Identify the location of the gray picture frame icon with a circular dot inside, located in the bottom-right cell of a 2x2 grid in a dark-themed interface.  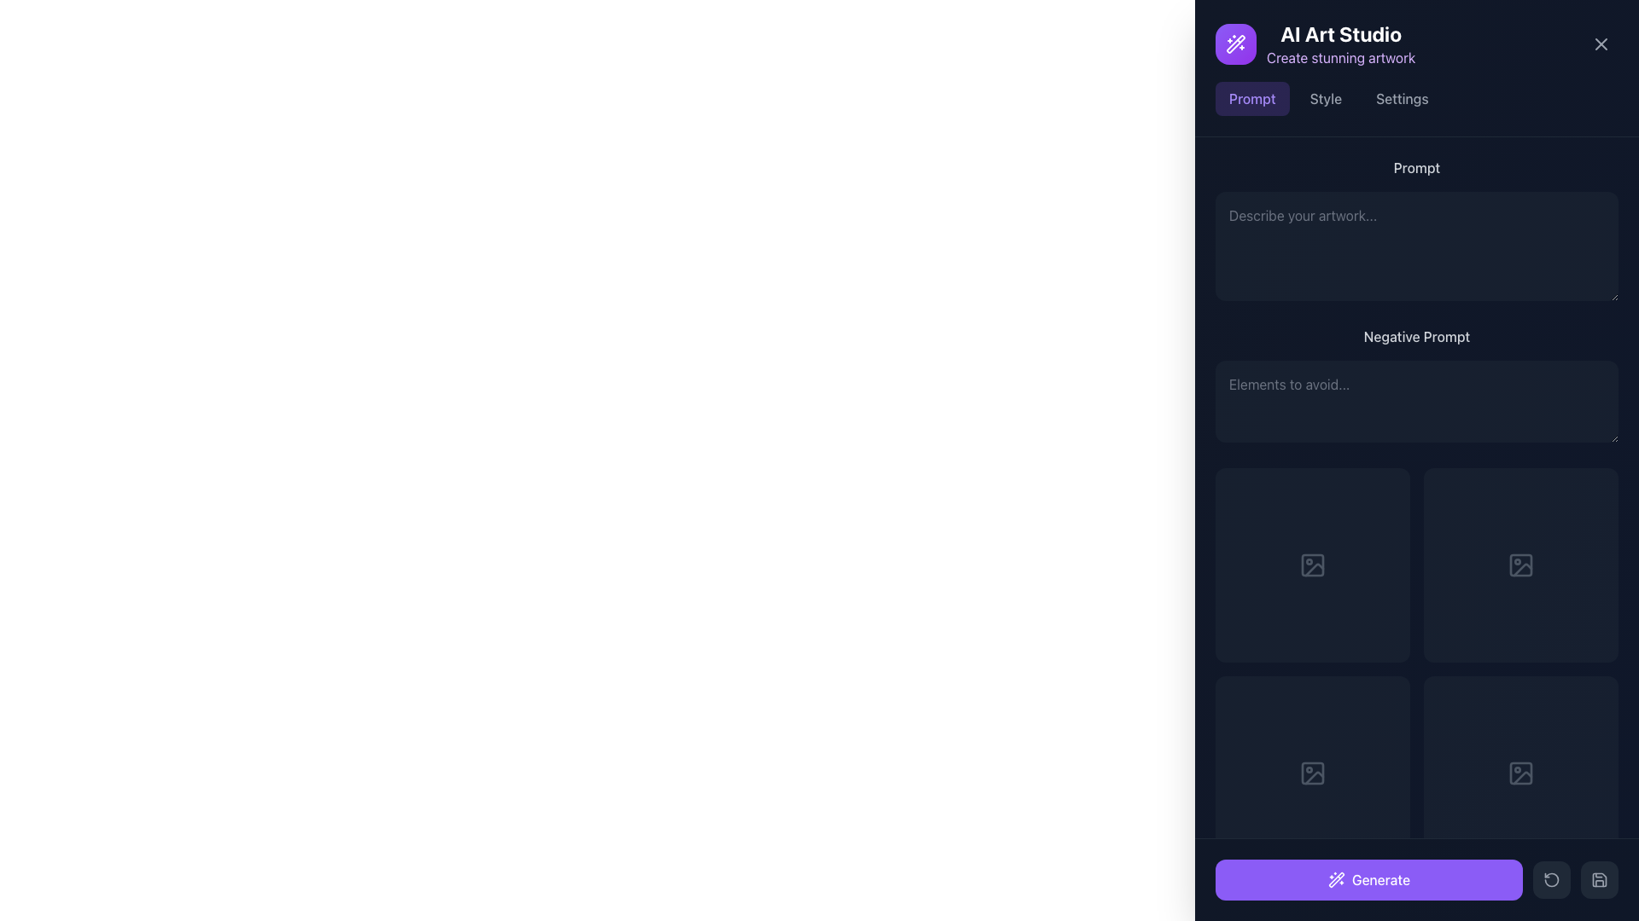
(1520, 773).